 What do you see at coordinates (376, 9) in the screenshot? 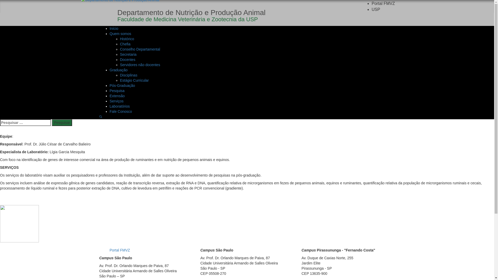
I see `'USP'` at bounding box center [376, 9].